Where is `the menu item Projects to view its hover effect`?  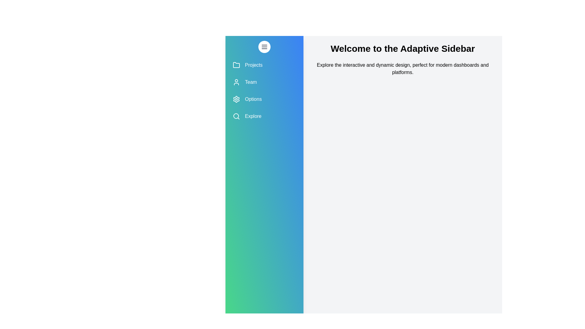 the menu item Projects to view its hover effect is located at coordinates (264, 65).